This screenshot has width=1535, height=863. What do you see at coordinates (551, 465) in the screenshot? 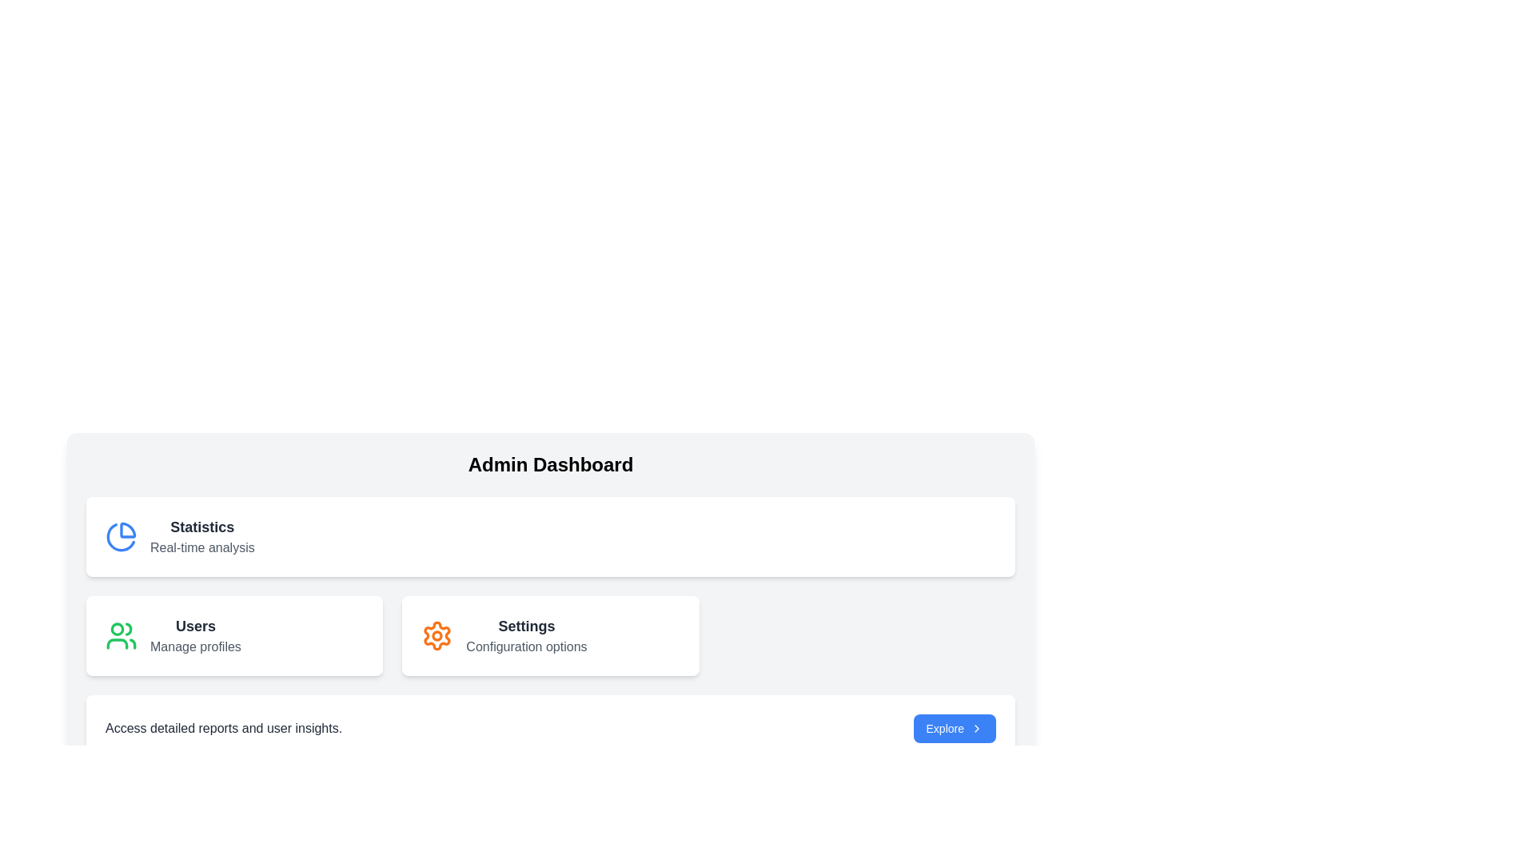
I see `the 'Admin Dashboard' header text element, which is a bold and large text in black color, positioned at the top of a card-like section` at bounding box center [551, 465].